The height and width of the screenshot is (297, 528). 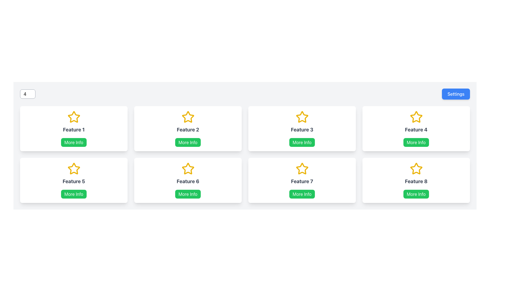 What do you see at coordinates (188, 117) in the screenshot?
I see `the star icon representing a favorite feature, located in the card labeled 'Feature 2', positioned in the top row, second from the left in the grid layout` at bounding box center [188, 117].